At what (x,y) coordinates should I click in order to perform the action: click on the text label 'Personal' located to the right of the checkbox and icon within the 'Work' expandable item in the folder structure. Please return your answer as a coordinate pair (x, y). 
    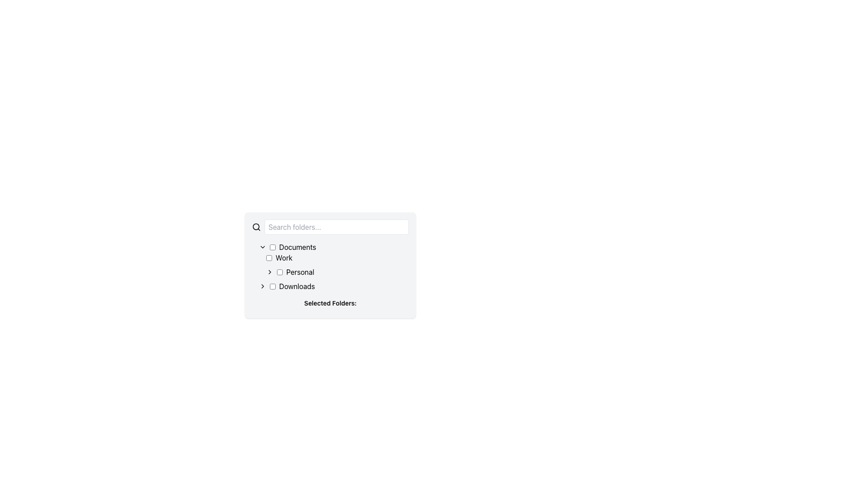
    Looking at the image, I should click on (300, 271).